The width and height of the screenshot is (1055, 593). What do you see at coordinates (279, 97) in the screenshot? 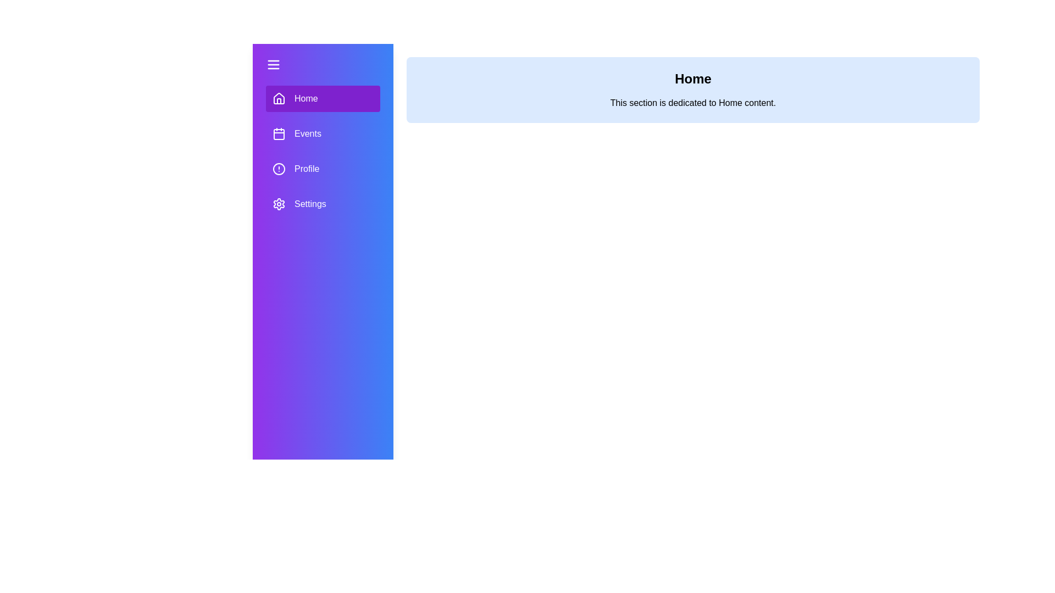
I see `the 'Home' menu icon located at the top of the sidebar, which helps users identify the home functionality` at bounding box center [279, 97].